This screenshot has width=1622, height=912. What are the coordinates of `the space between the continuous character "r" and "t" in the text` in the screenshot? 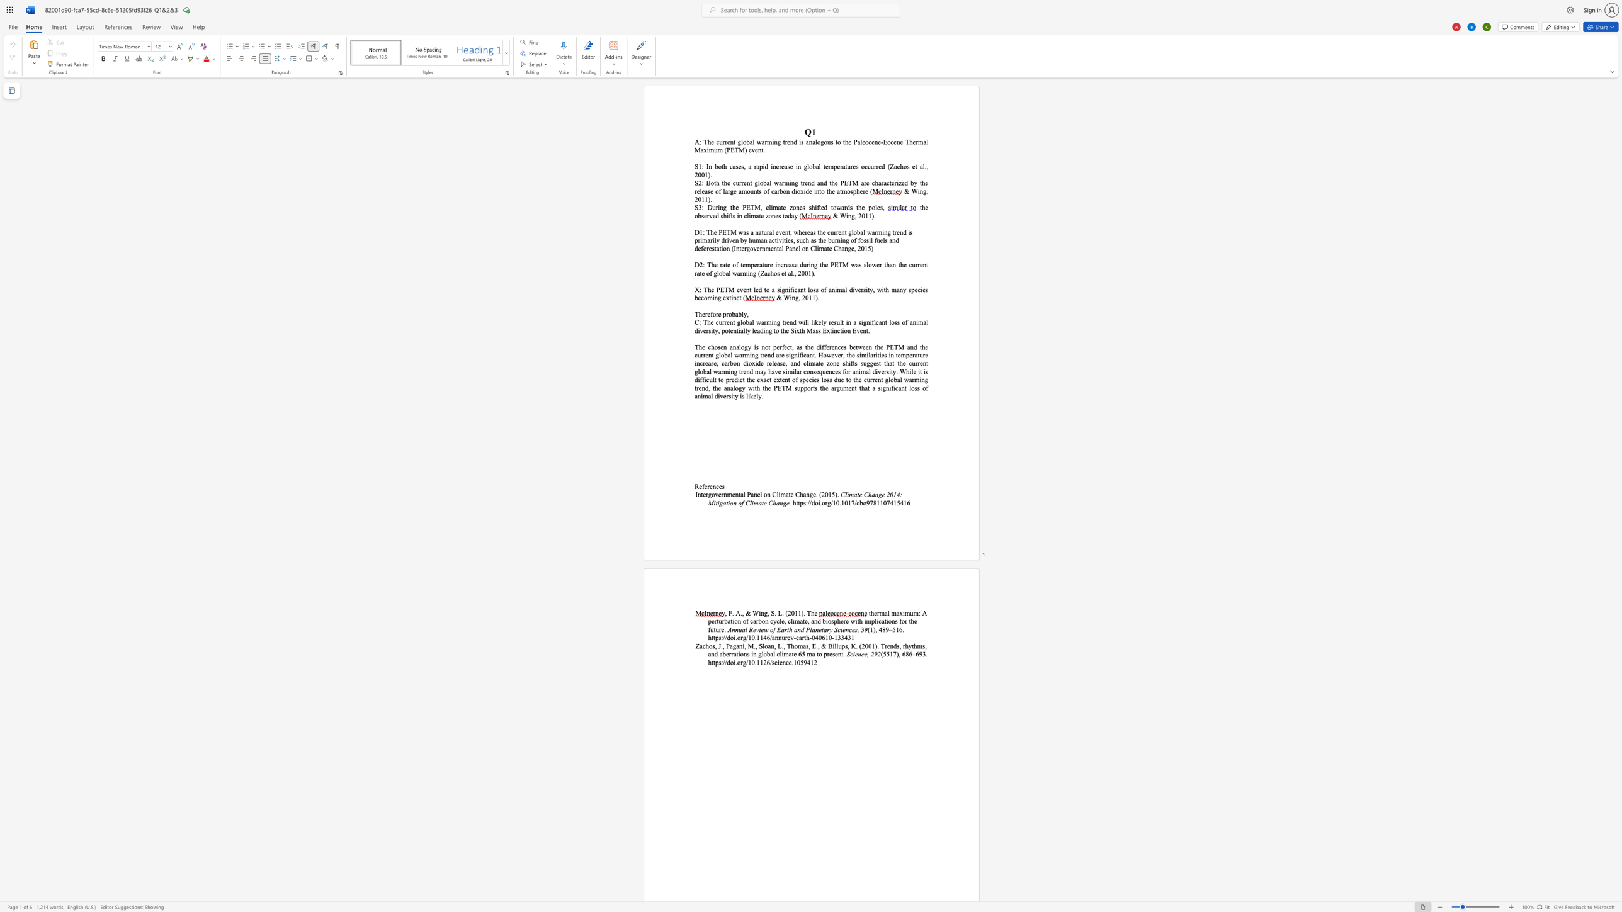 It's located at (716, 621).